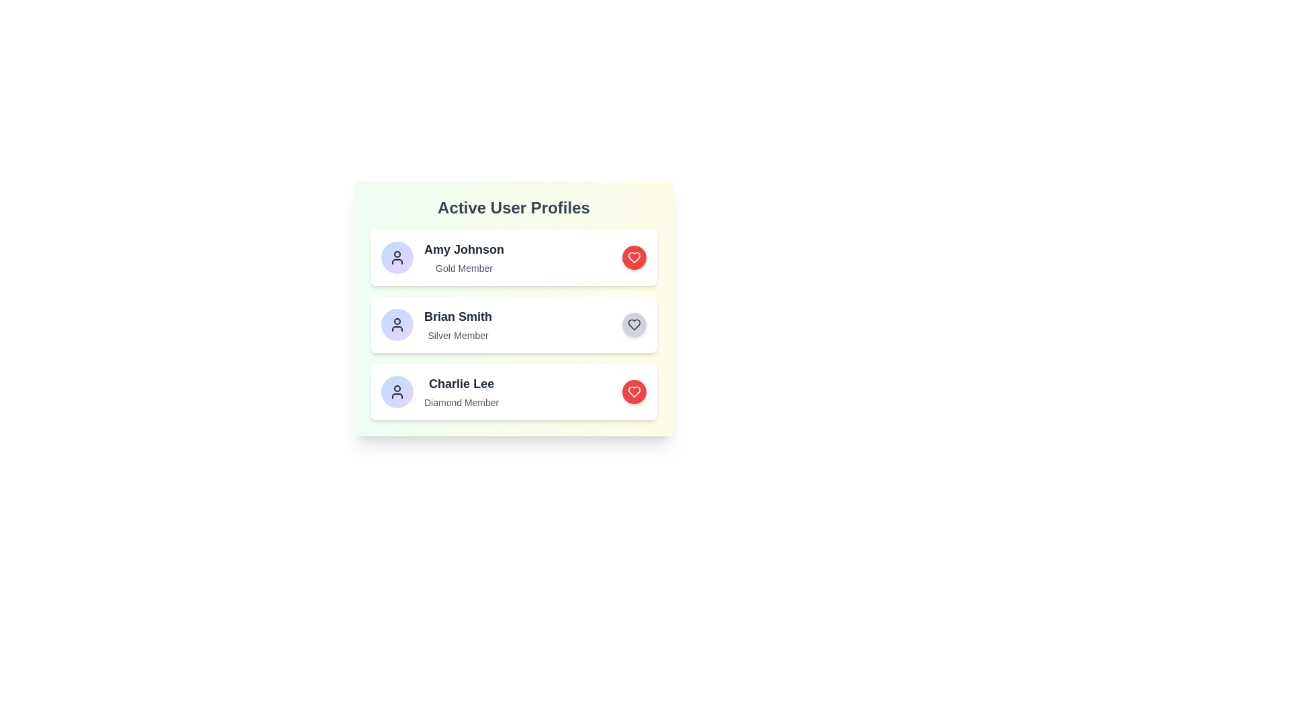  I want to click on the Decorative user icon placeholder representing user 'Amy Johnson', located at the beginning of the first row in the user information component, so click(396, 258).